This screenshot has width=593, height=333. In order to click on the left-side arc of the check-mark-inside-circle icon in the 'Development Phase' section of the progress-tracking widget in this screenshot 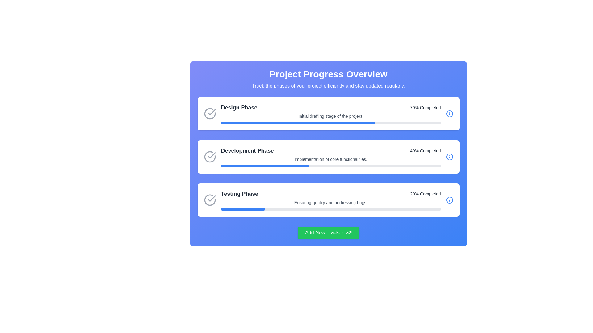, I will do `click(210, 157)`.